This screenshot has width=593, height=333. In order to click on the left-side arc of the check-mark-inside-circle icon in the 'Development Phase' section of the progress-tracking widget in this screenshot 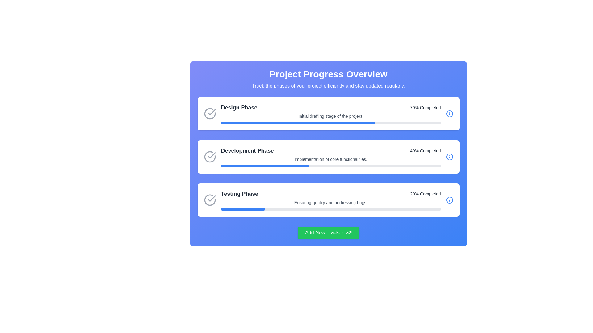, I will do `click(210, 157)`.